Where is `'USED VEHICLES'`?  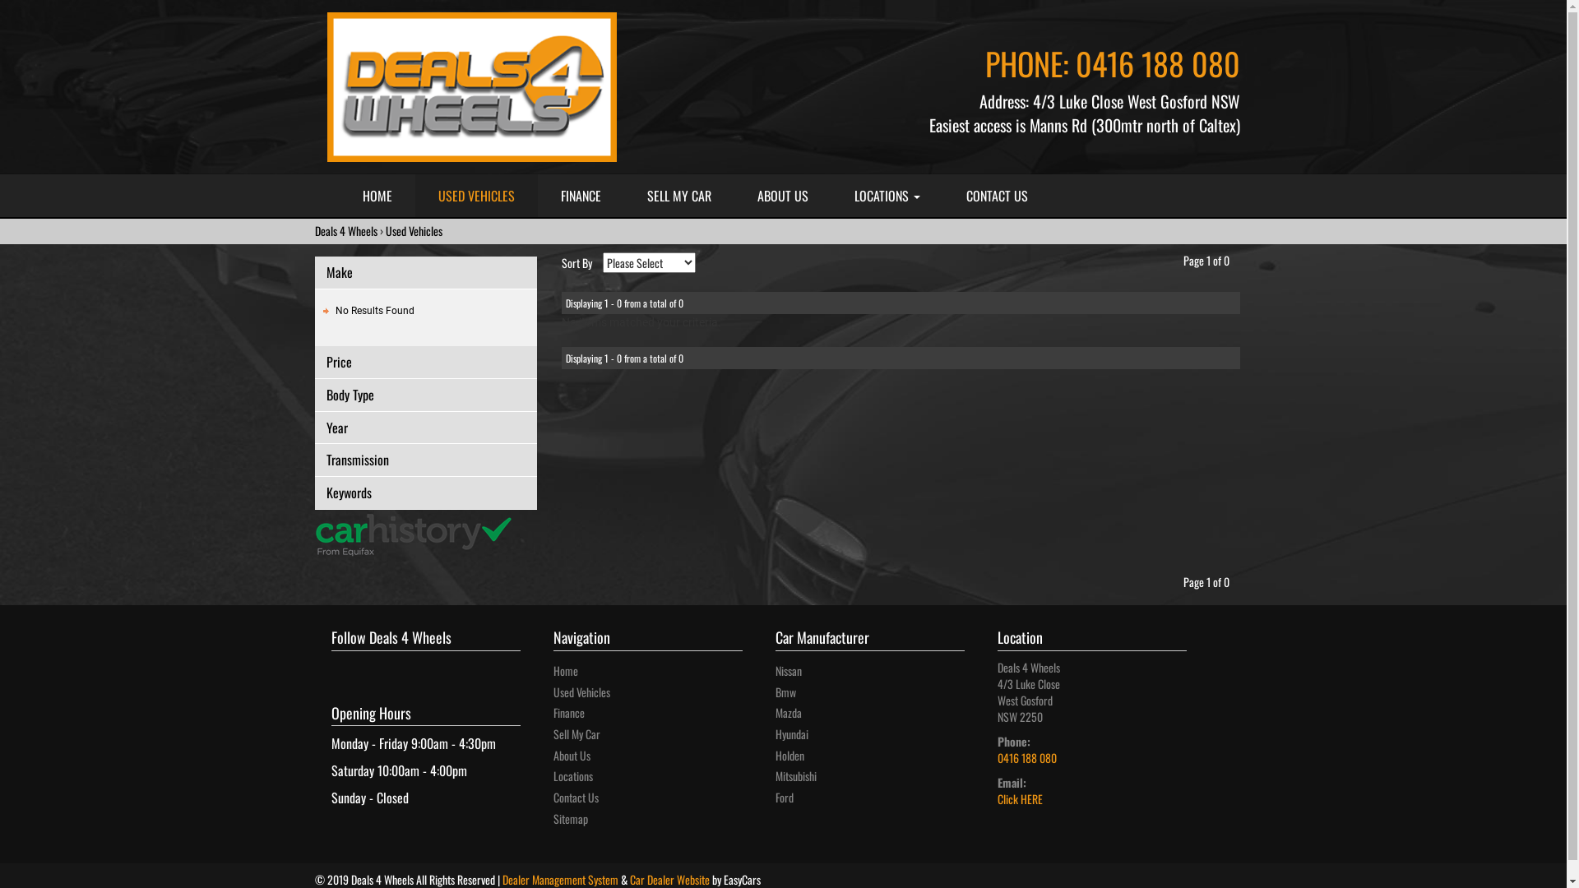 'USED VEHICLES' is located at coordinates (475, 195).